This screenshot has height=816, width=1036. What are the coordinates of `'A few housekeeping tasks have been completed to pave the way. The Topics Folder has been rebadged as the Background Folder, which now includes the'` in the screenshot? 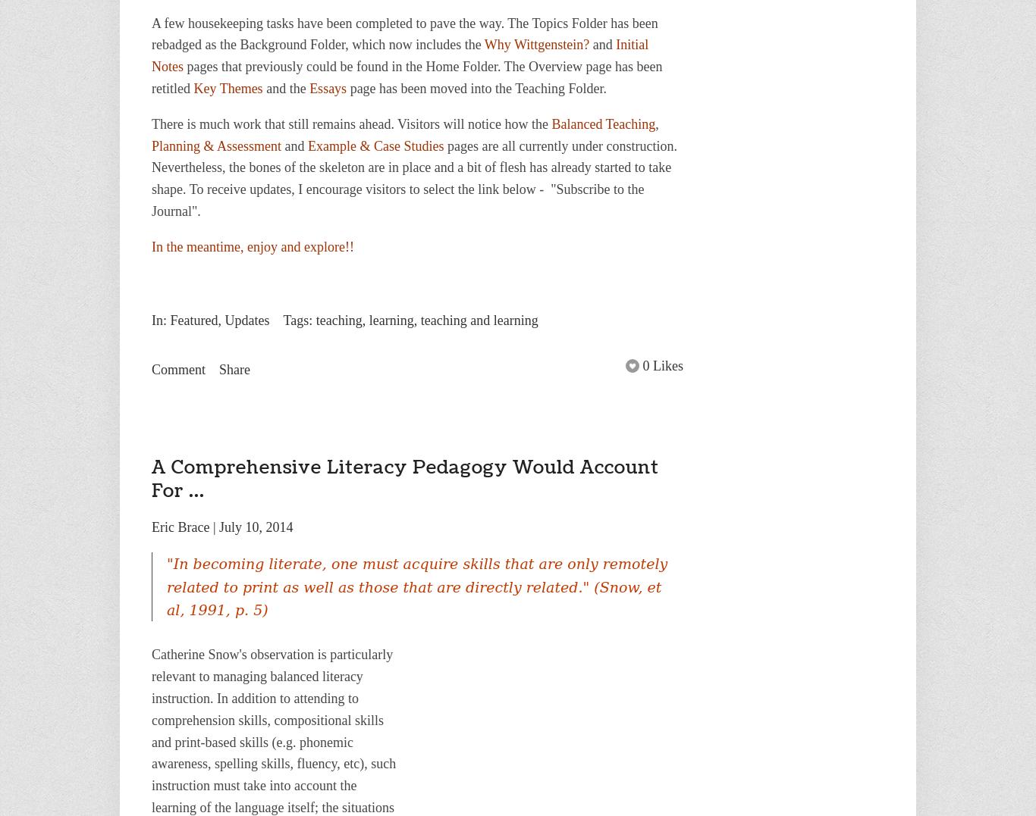 It's located at (404, 33).